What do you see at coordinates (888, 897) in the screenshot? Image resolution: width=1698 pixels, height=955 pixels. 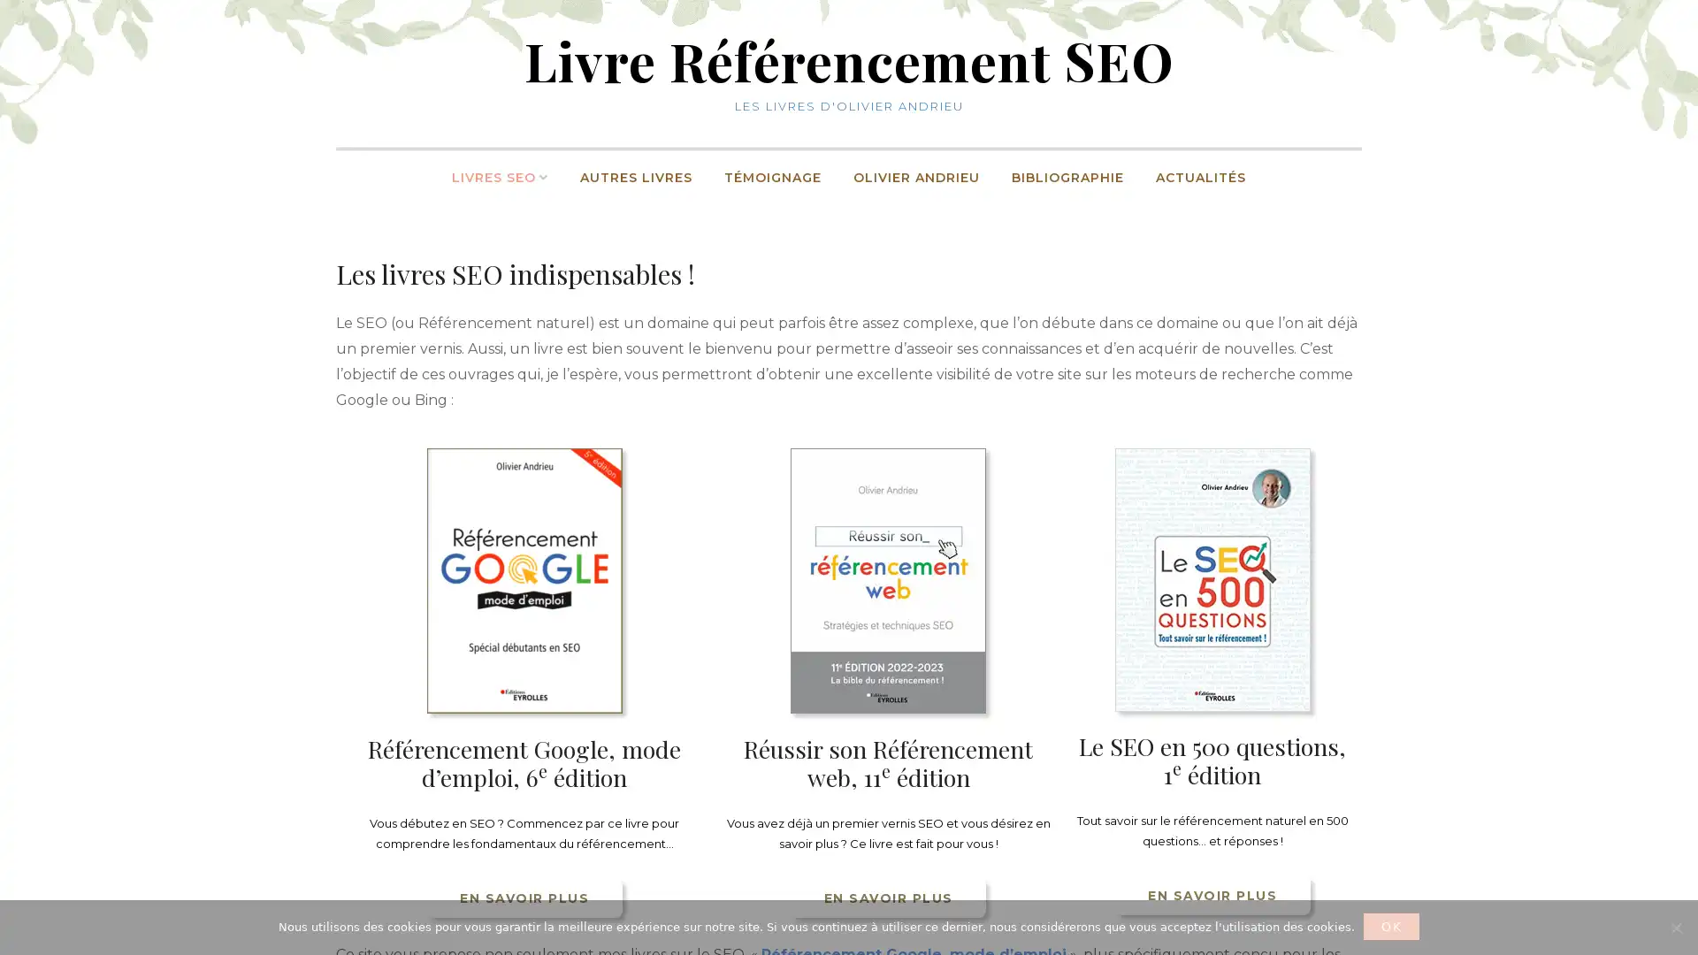 I see `EN SAVOIR PLUS` at bounding box center [888, 897].